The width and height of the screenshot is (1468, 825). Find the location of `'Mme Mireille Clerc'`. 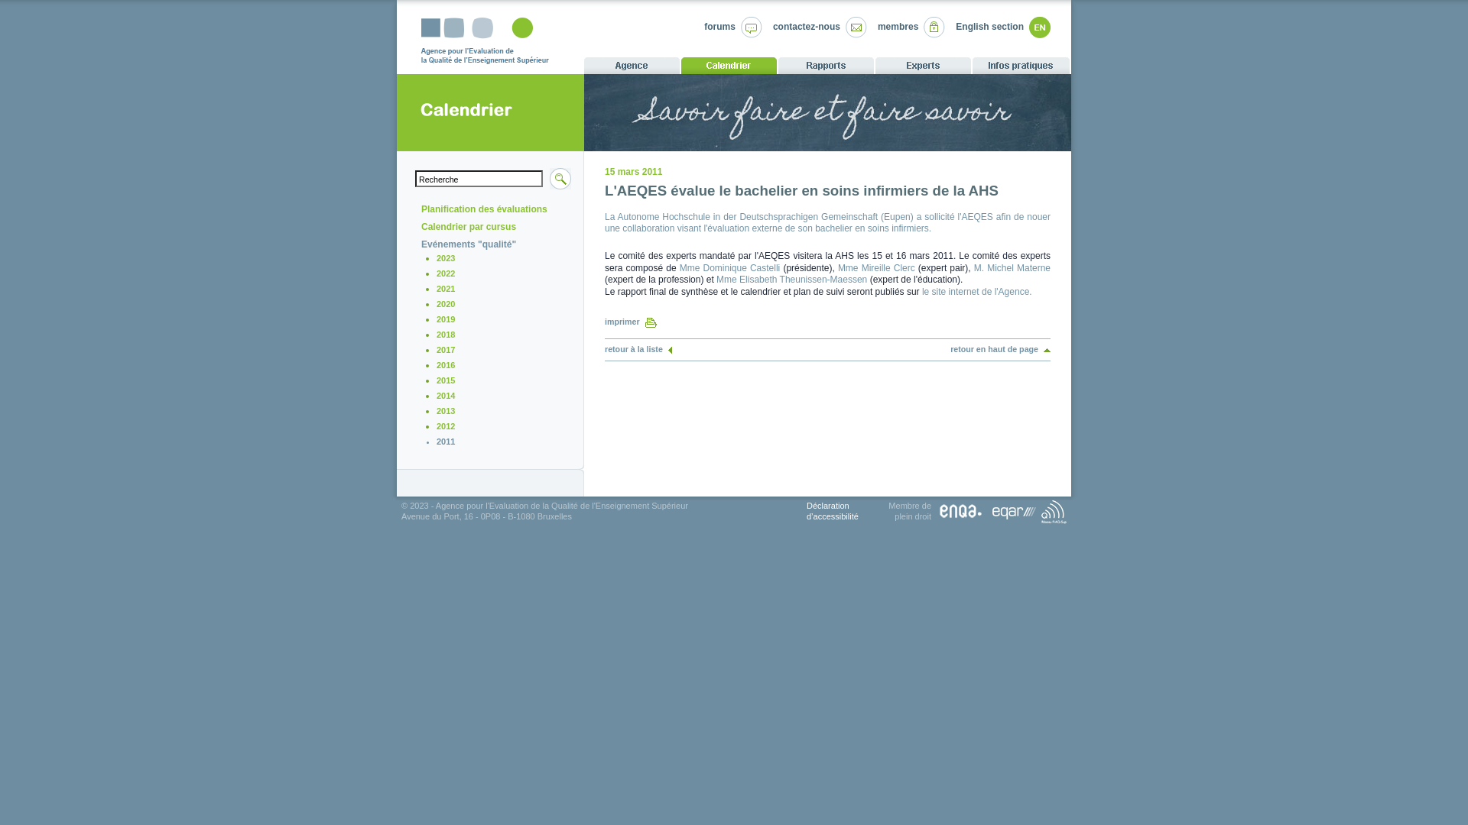

'Mme Mireille Clerc' is located at coordinates (876, 267).